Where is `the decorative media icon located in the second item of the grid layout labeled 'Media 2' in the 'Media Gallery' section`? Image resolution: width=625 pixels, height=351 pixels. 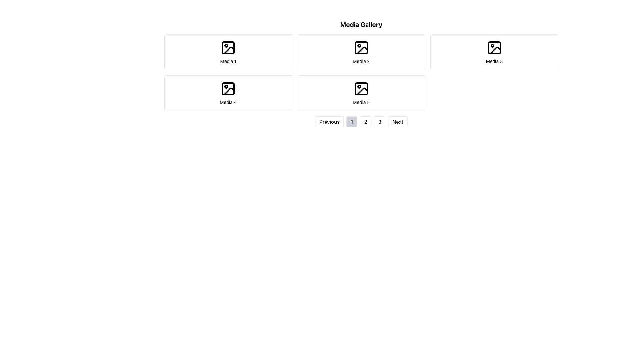
the decorative media icon located in the second item of the grid layout labeled 'Media 2' in the 'Media Gallery' section is located at coordinates (361, 47).